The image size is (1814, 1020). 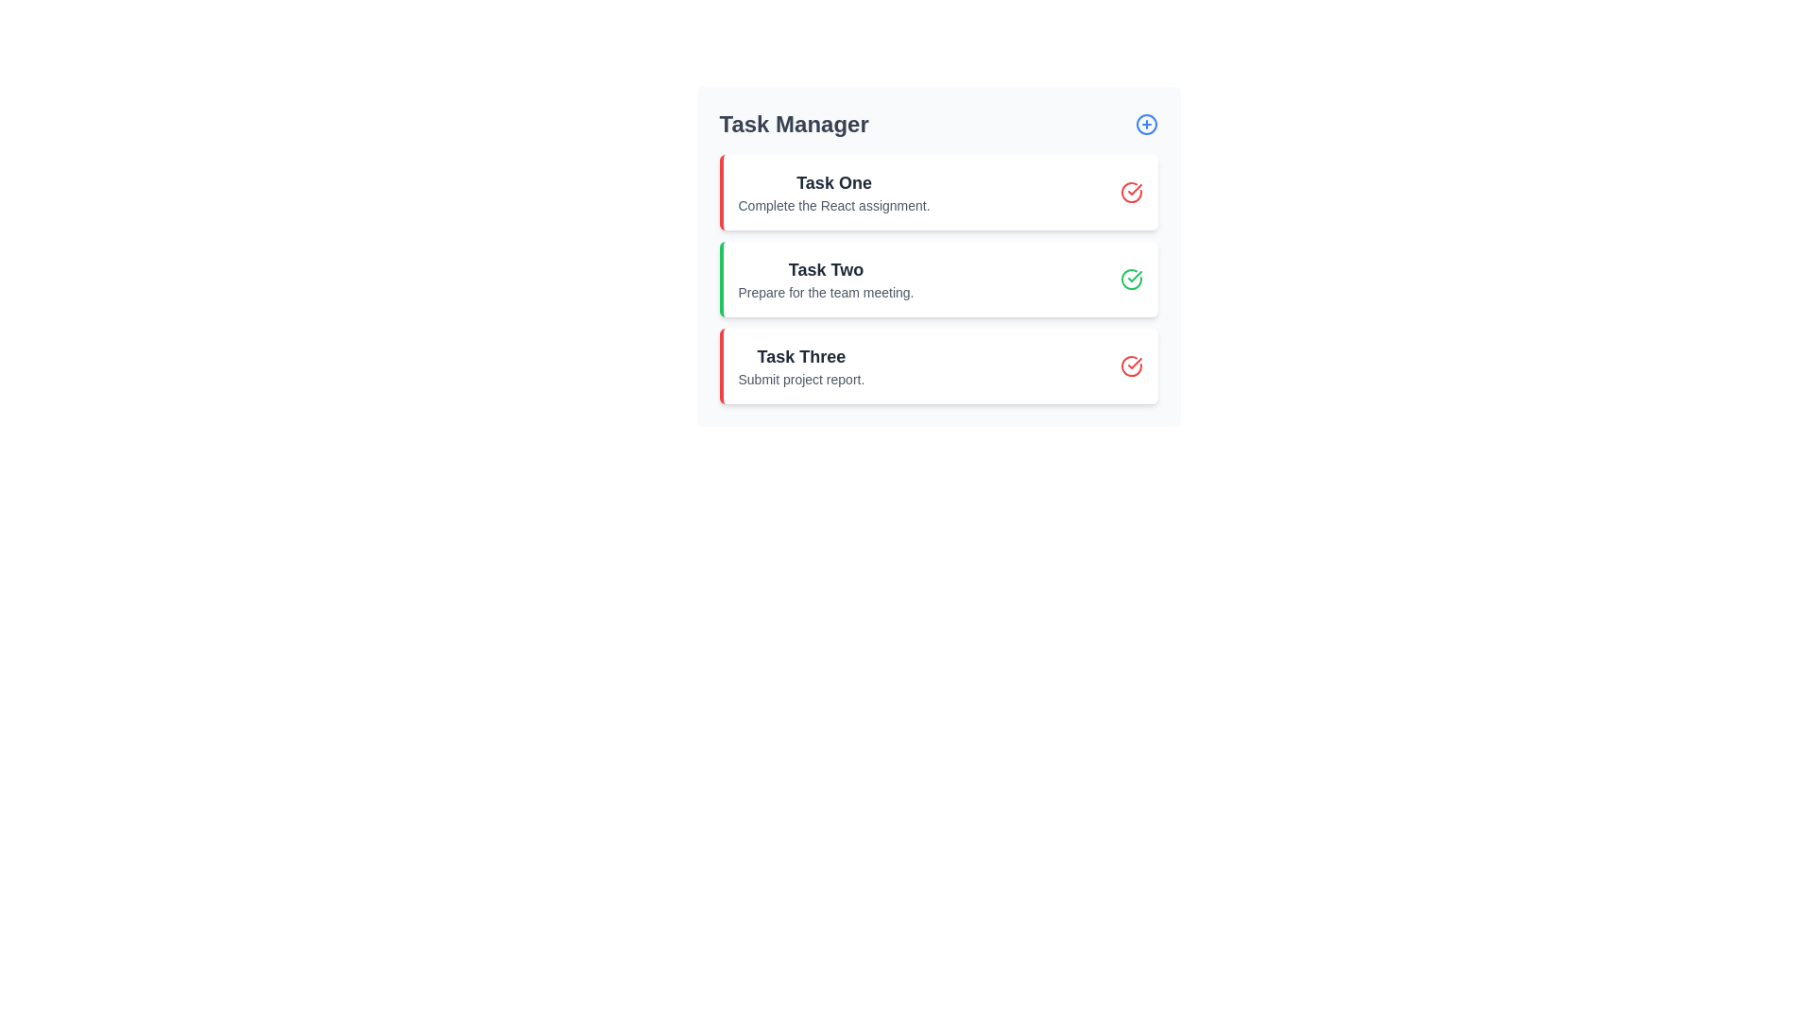 What do you see at coordinates (940, 193) in the screenshot?
I see `the task item 'Task One' in the Task Manager section` at bounding box center [940, 193].